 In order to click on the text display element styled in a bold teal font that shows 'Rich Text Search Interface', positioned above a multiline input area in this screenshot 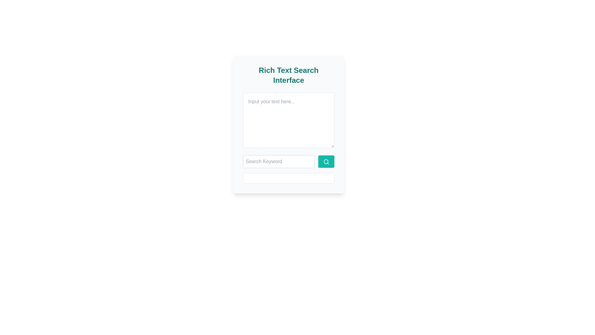, I will do `click(288, 75)`.